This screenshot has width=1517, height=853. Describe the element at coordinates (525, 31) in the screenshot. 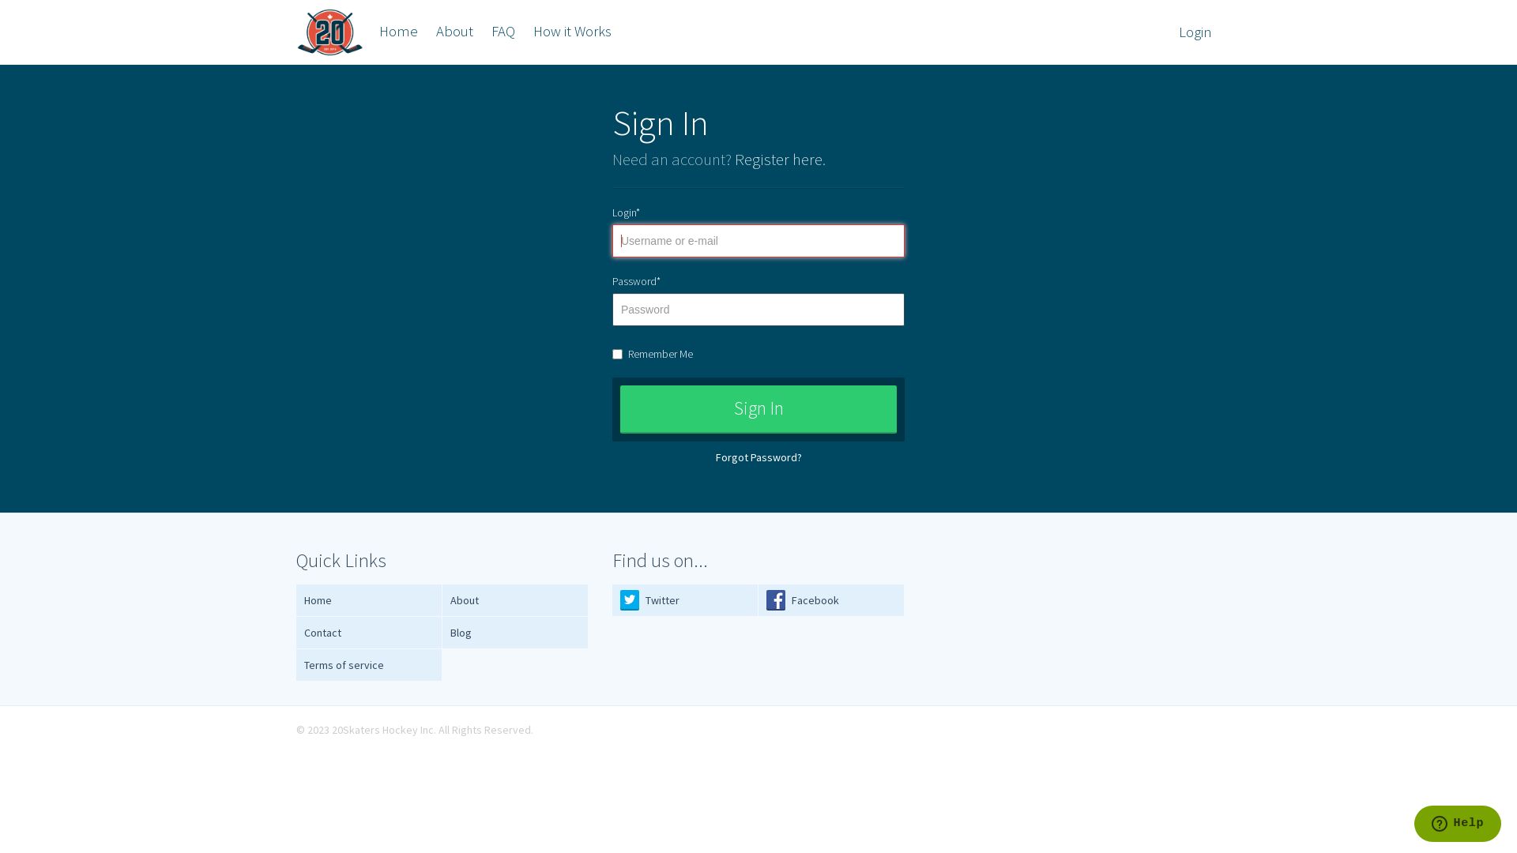

I see `'How it Works'` at that location.